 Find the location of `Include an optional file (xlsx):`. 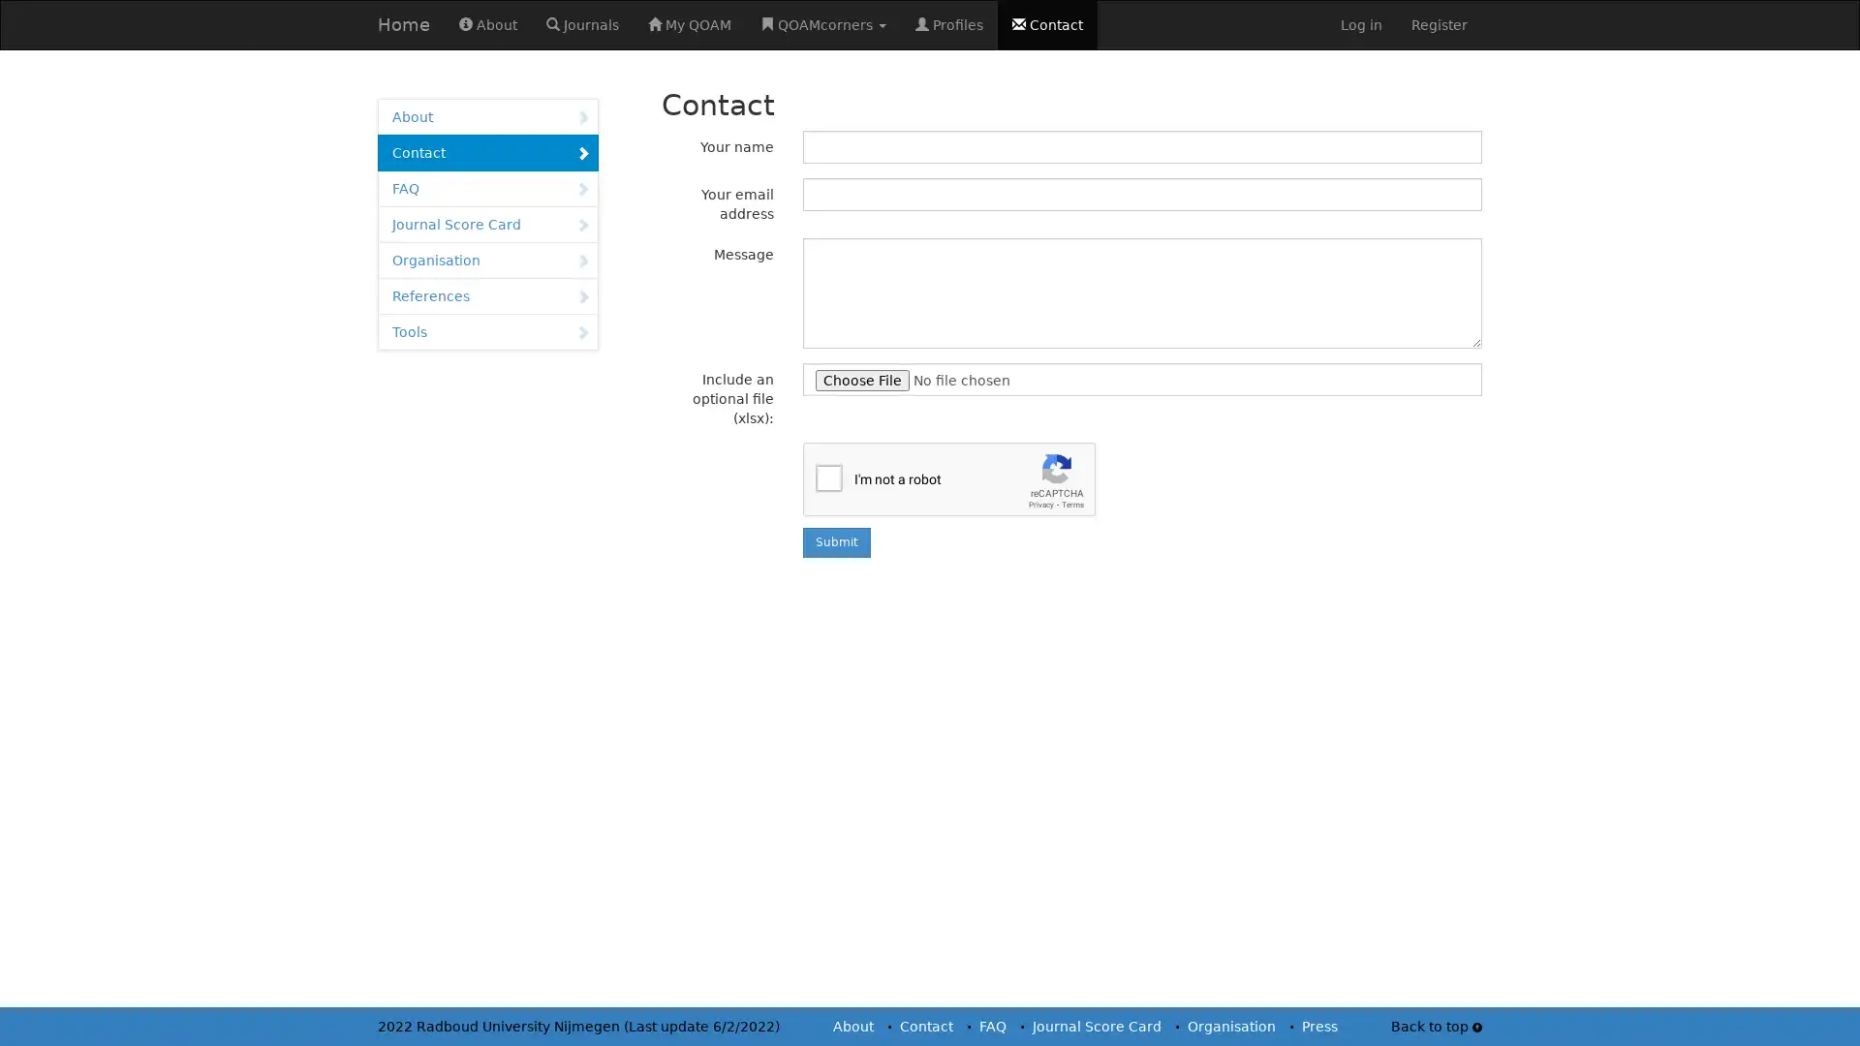

Include an optional file (xlsx): is located at coordinates (1141, 380).